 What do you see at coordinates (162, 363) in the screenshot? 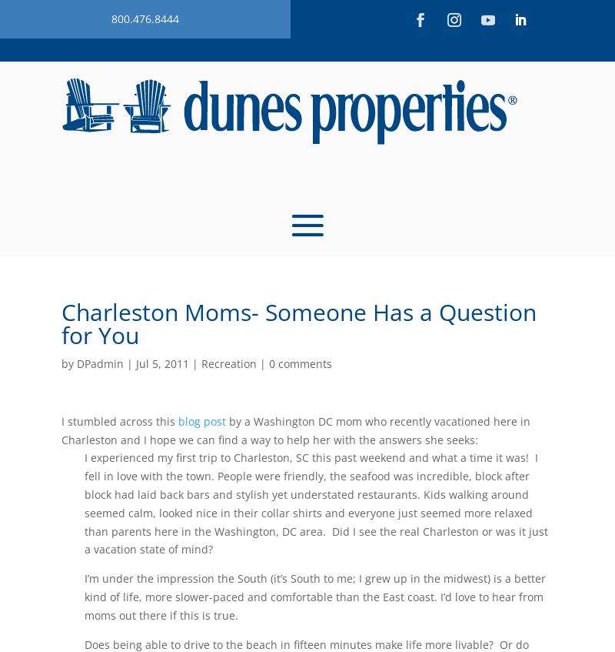
I see `'Jul 5, 2011'` at bounding box center [162, 363].